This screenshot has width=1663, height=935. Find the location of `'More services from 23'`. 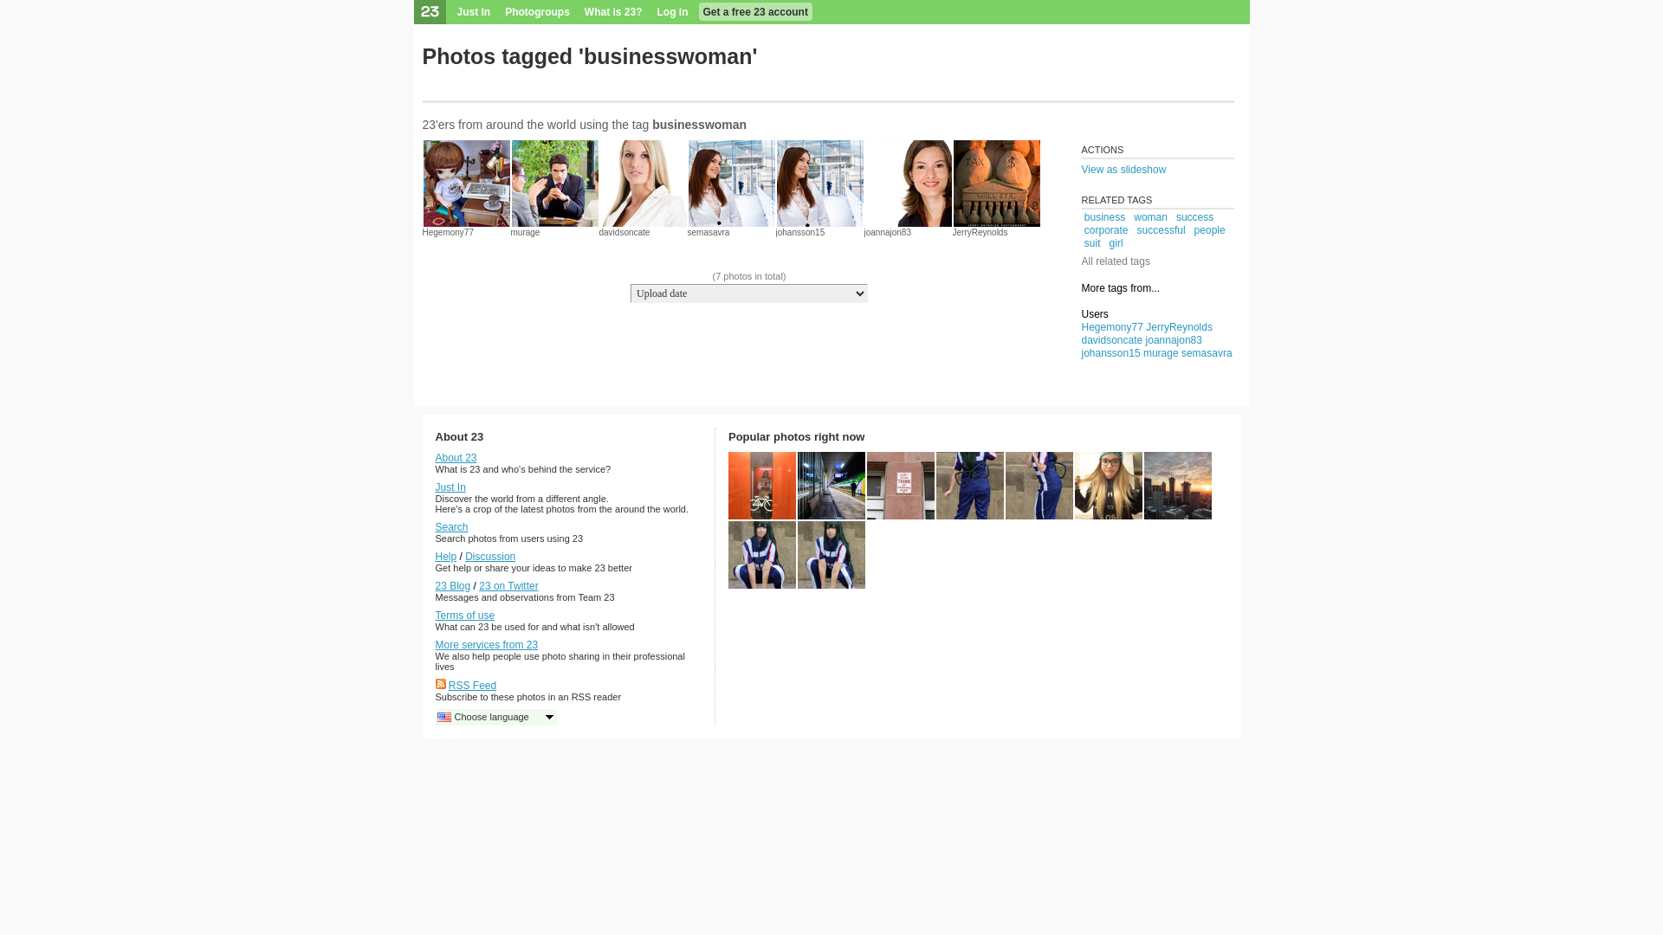

'More services from 23' is located at coordinates (435, 644).